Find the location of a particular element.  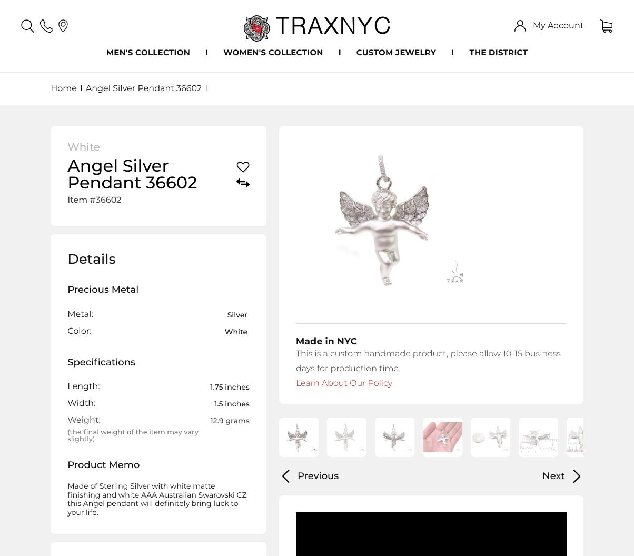

'Weight' is located at coordinates (83, 420).